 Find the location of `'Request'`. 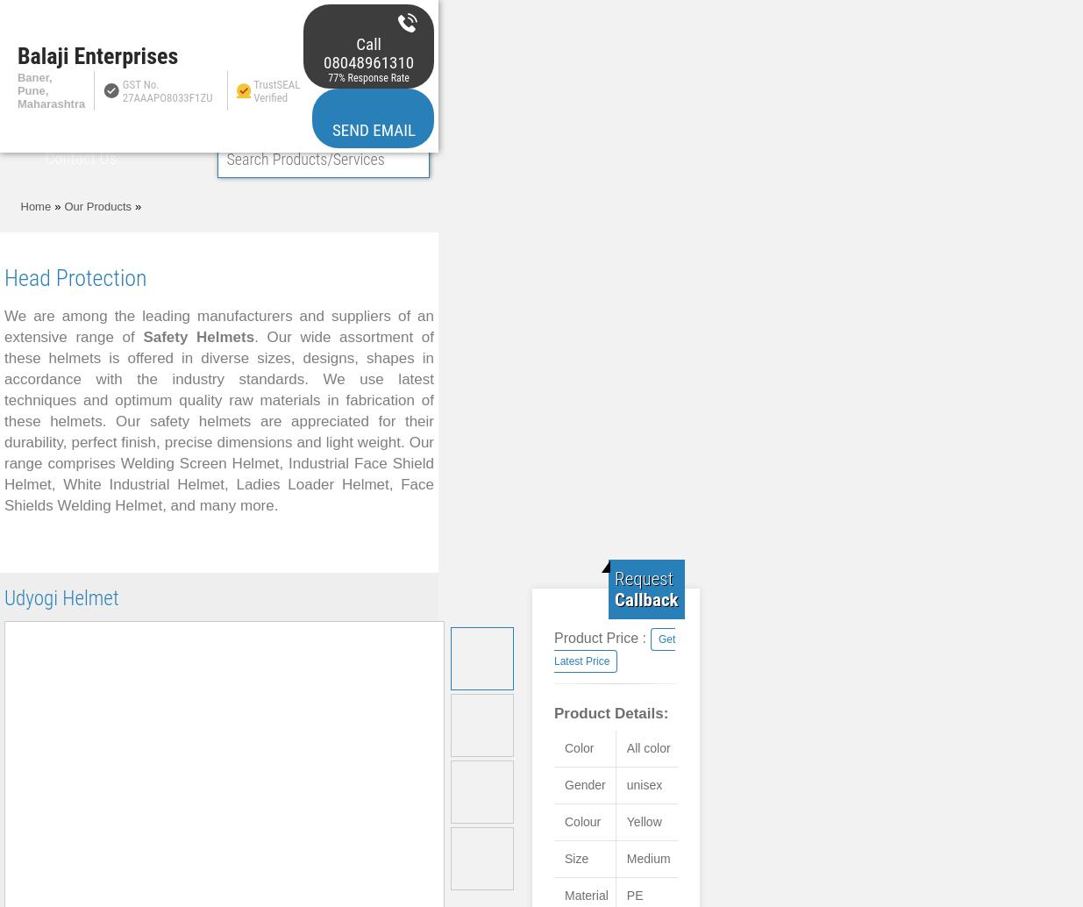

'Request' is located at coordinates (643, 579).